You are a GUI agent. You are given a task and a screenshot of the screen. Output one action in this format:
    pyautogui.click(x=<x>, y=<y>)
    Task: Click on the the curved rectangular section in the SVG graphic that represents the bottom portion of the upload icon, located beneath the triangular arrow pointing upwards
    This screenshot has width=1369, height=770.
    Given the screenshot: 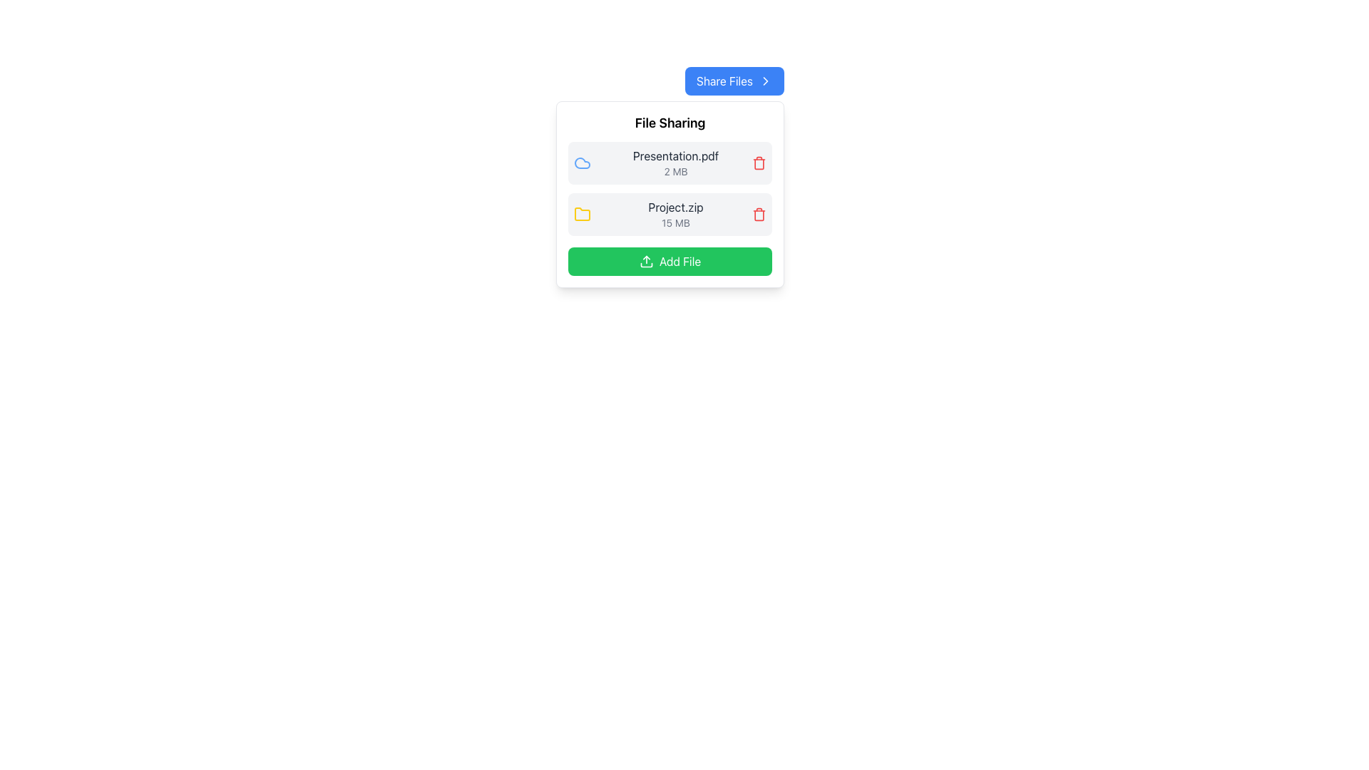 What is the action you would take?
    pyautogui.click(x=646, y=265)
    